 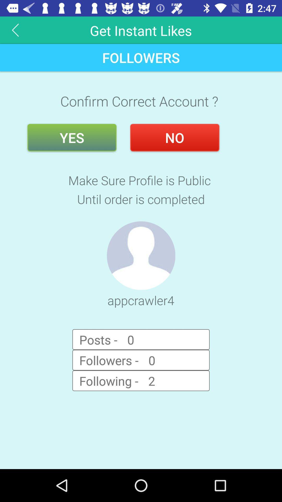 I want to click on the app to the left of get instant likes app, so click(x=15, y=30).